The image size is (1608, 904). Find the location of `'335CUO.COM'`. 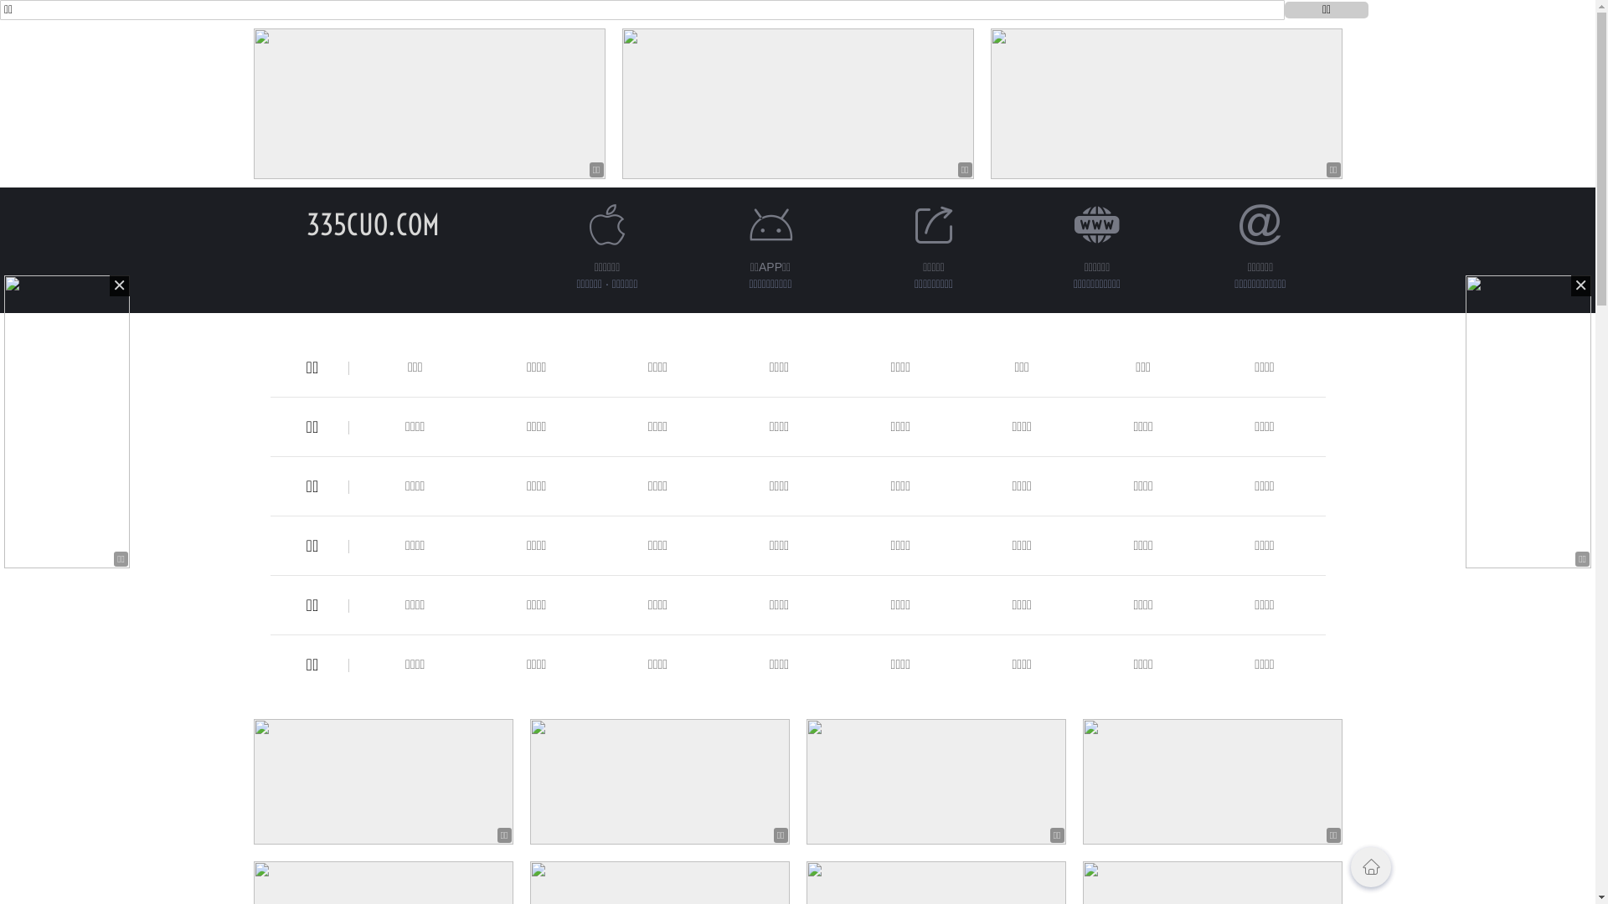

'335CUO.COM' is located at coordinates (372, 223).